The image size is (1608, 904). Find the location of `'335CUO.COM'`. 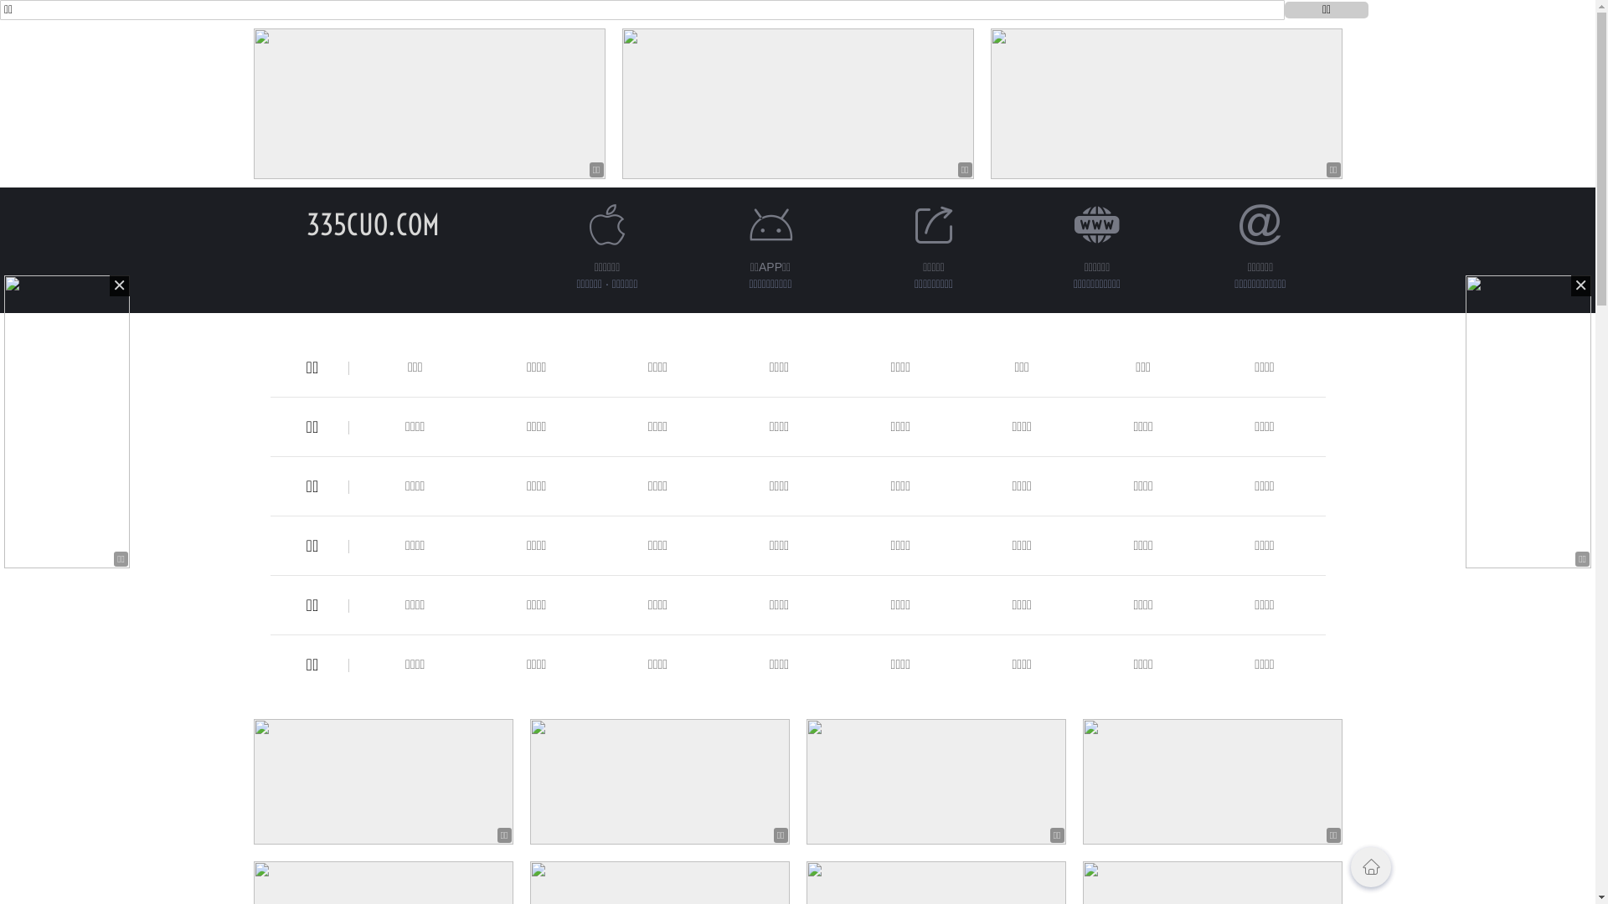

'335CUO.COM' is located at coordinates (372, 223).